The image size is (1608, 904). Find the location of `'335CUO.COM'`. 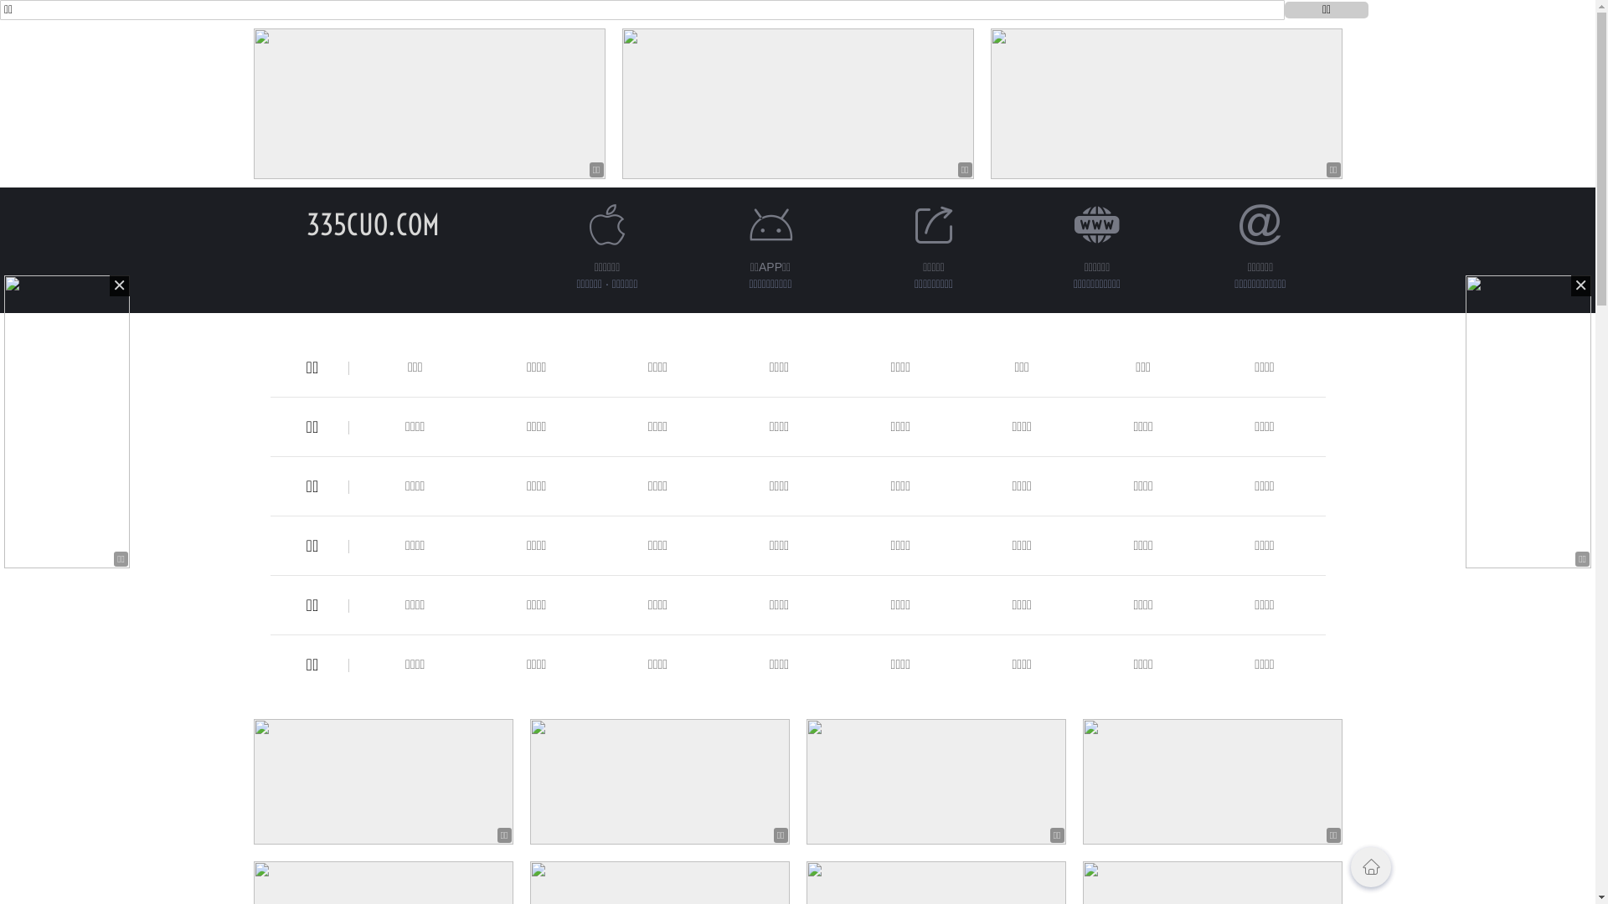

'335CUO.COM' is located at coordinates (372, 223).